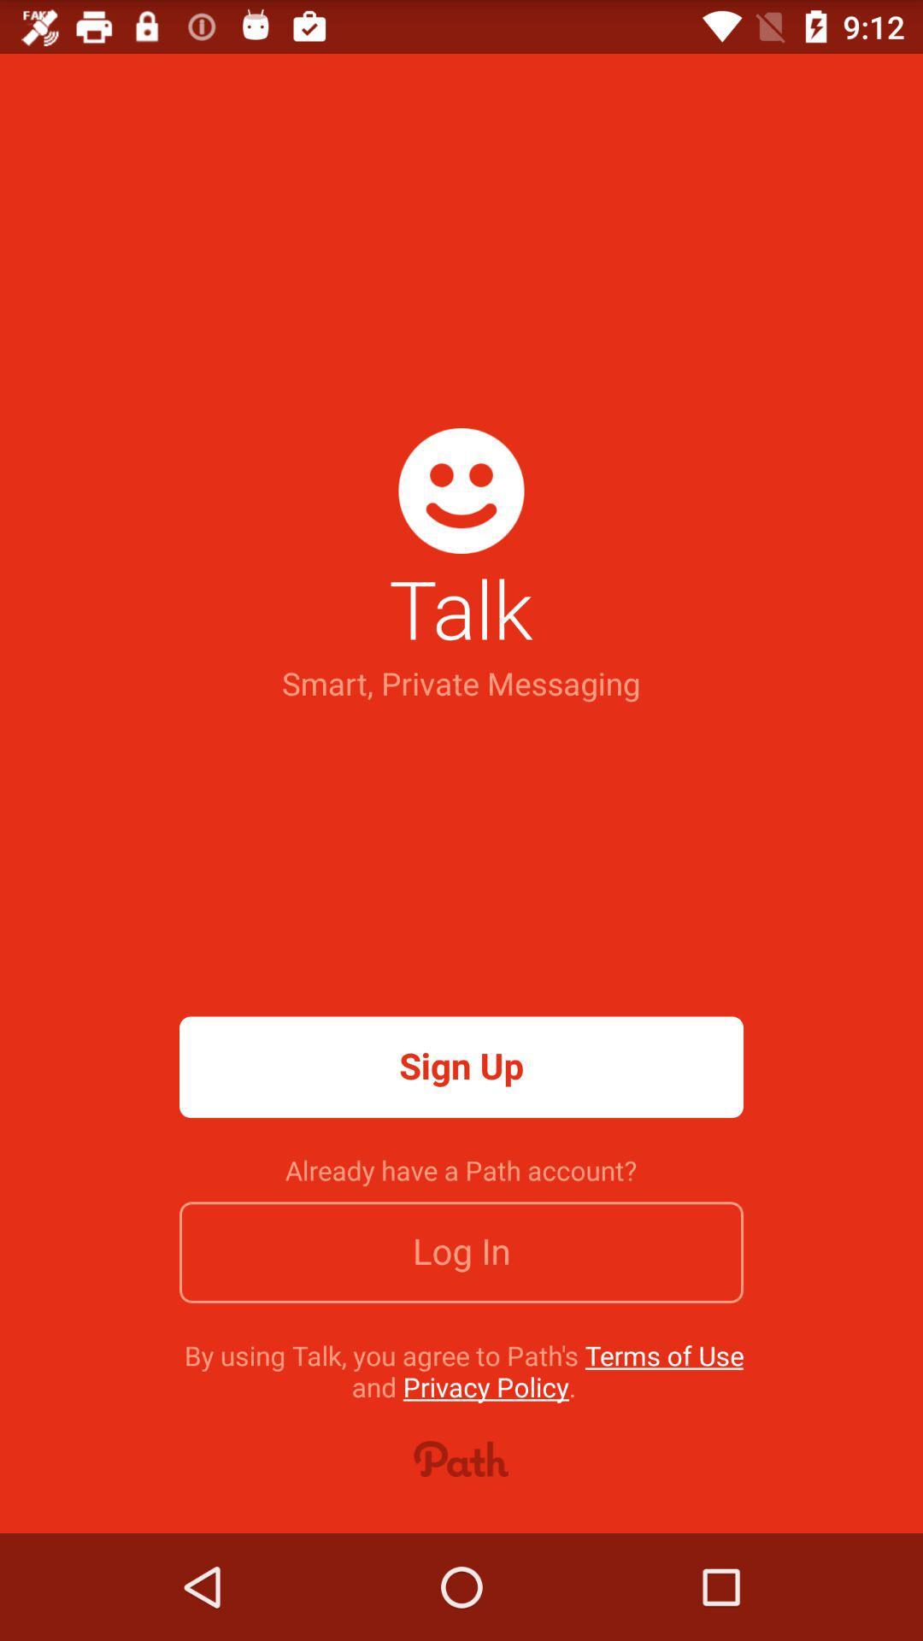  I want to click on log in icon, so click(461, 1252).